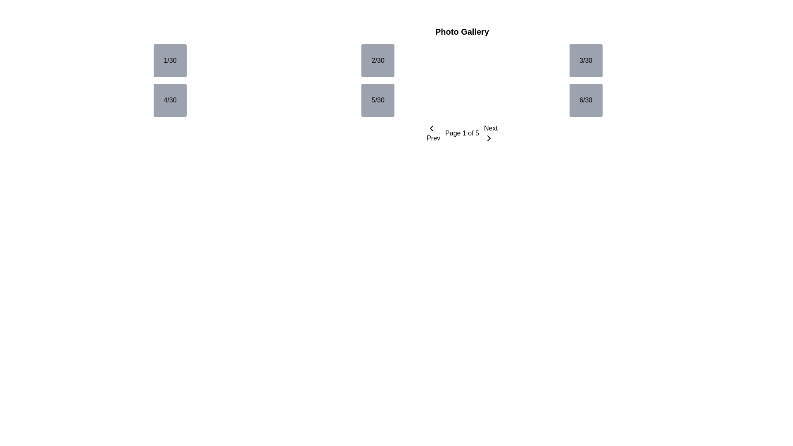 This screenshot has width=793, height=446. I want to click on the 'Next' button, which includes a rightward-pointing chevron arrow icon, so click(489, 138).